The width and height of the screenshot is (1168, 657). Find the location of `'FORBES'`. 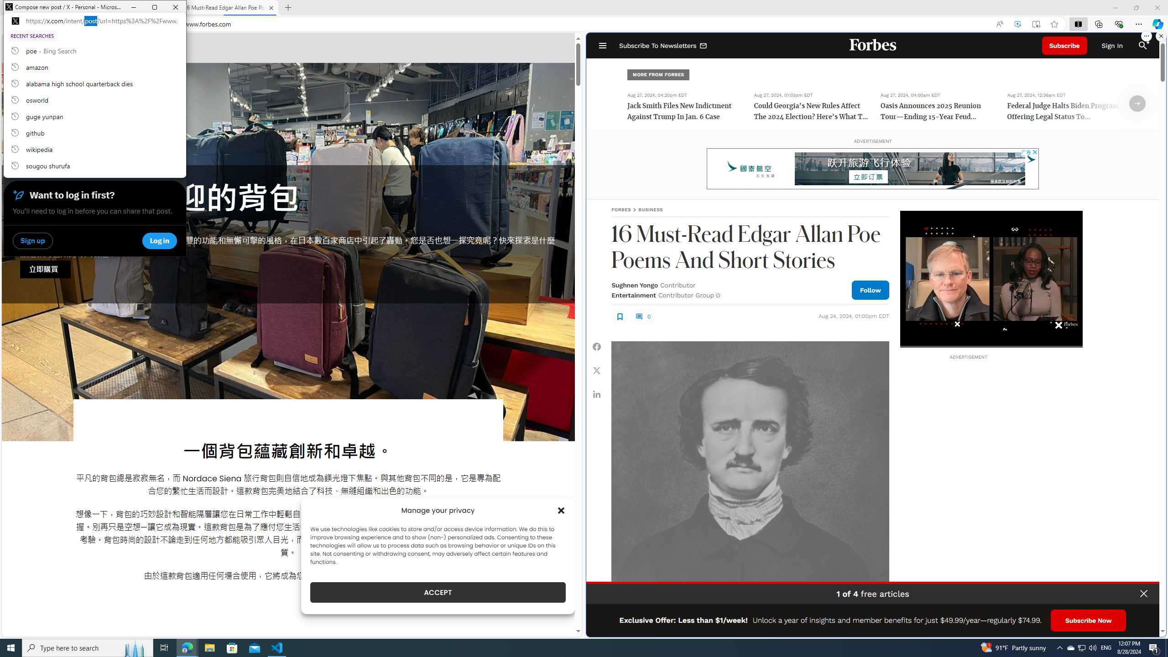

'FORBES' is located at coordinates (621, 209).